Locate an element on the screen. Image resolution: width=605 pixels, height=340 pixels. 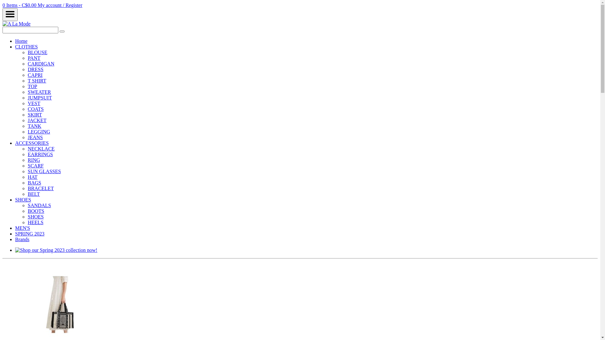
'BELT' is located at coordinates (27, 194).